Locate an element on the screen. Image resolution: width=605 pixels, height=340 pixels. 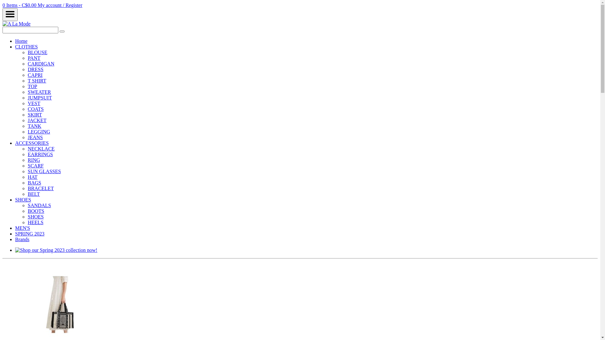
'BELT' is located at coordinates (27, 194).